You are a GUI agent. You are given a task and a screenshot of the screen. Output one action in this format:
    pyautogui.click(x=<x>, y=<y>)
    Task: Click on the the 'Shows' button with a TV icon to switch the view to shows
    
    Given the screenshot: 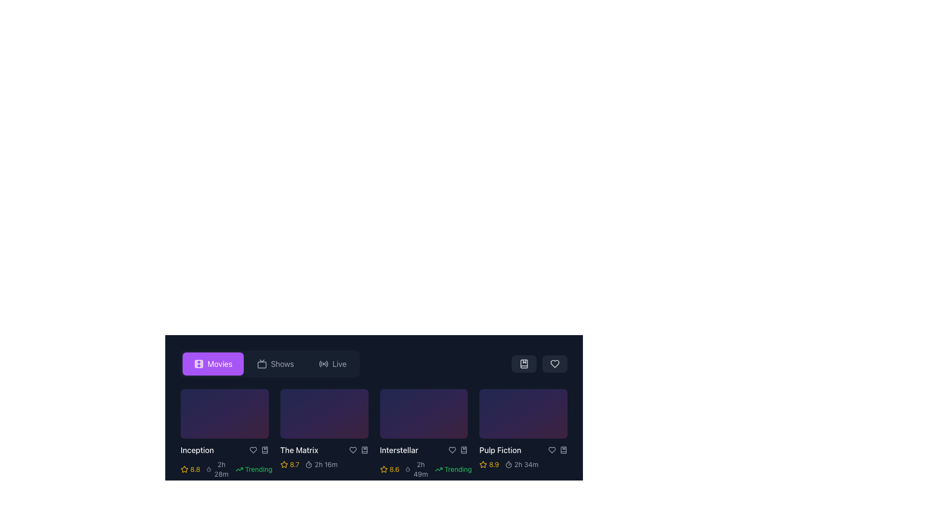 What is the action you would take?
    pyautogui.click(x=275, y=364)
    